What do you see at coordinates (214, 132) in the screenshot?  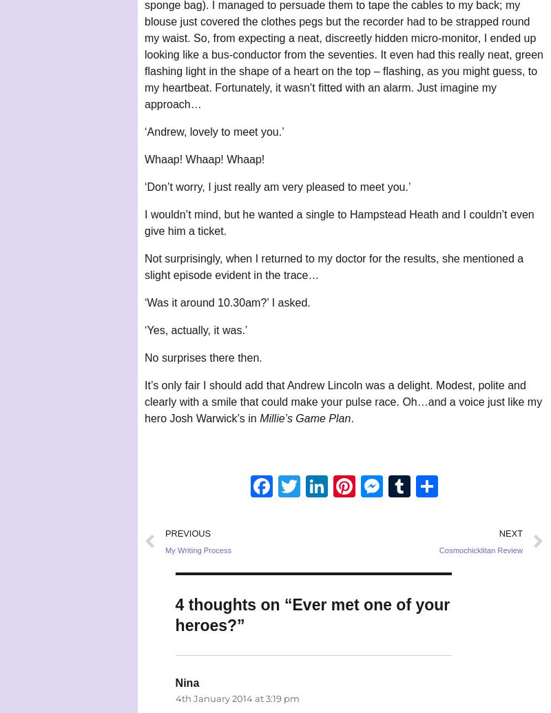 I see `'‘Andrew, lovely to meet you.’'` at bounding box center [214, 132].